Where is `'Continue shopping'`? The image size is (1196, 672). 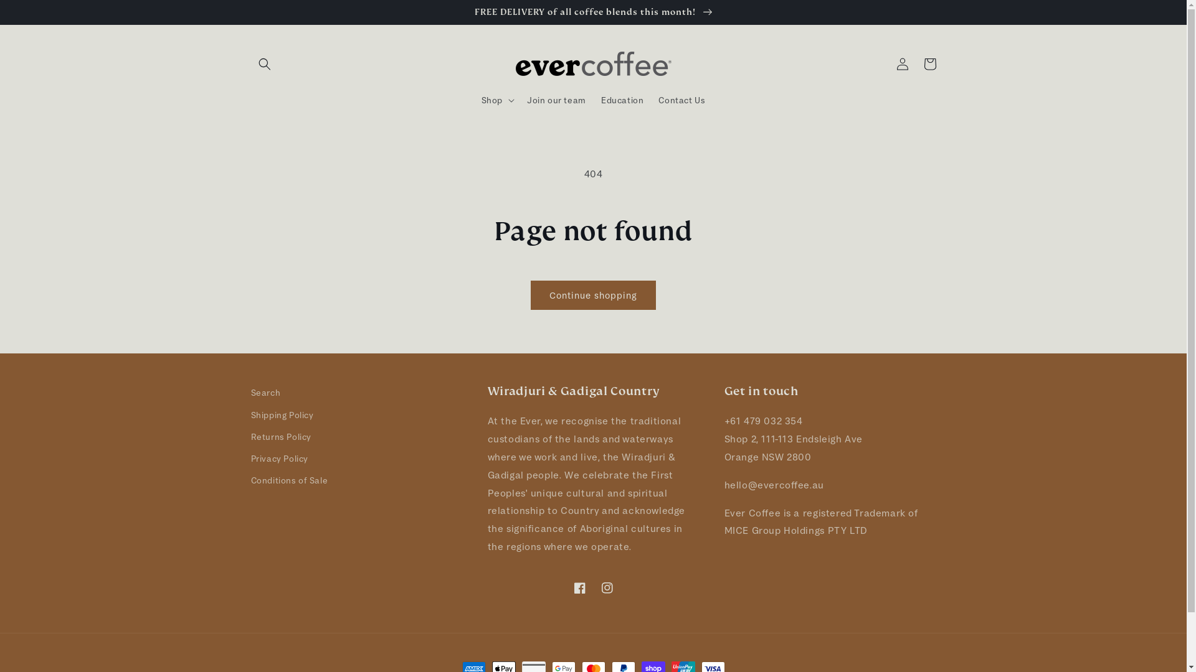 'Continue shopping' is located at coordinates (530, 295).